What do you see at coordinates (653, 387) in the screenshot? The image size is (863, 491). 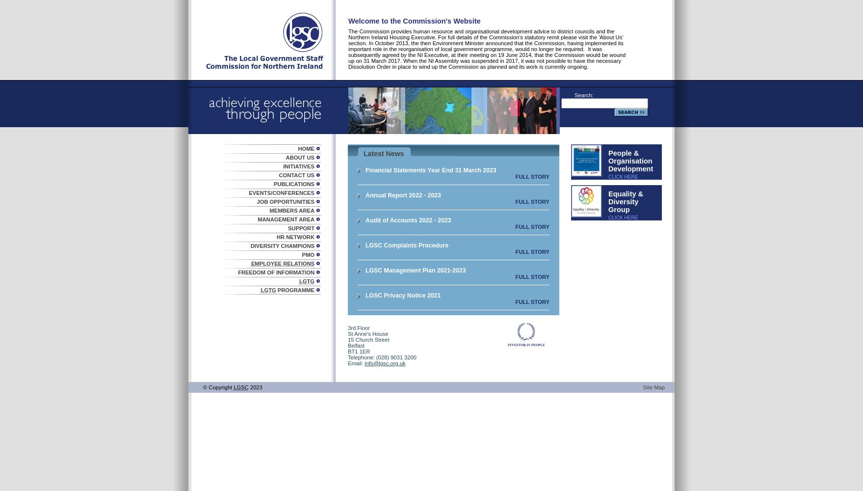 I see `'Site Map'` at bounding box center [653, 387].